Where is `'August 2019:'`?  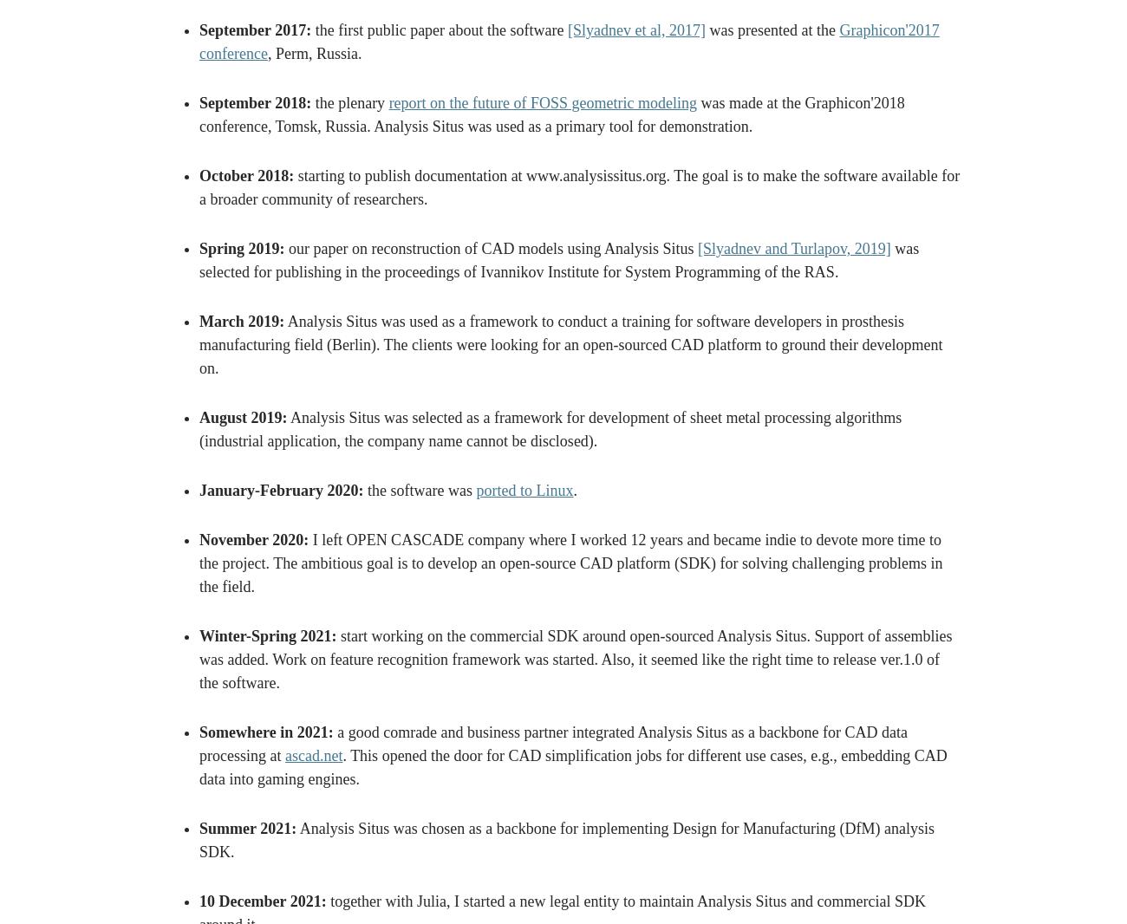
'August 2019:' is located at coordinates (243, 418).